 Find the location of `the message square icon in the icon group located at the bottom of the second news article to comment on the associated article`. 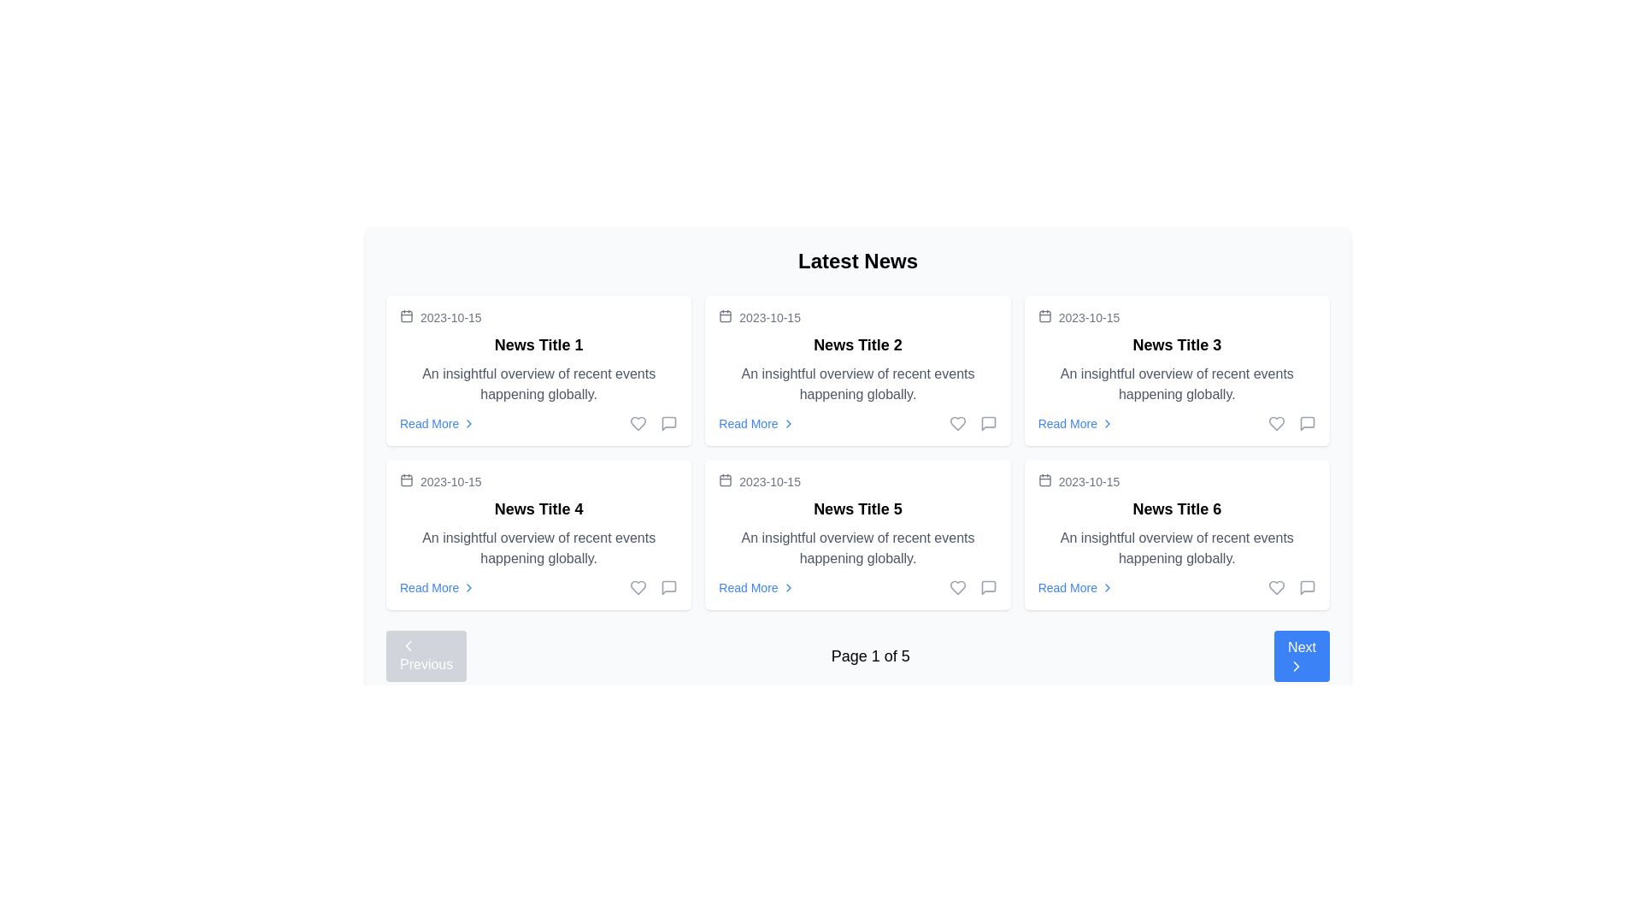

the message square icon in the icon group located at the bottom of the second news article to comment on the associated article is located at coordinates (973, 423).